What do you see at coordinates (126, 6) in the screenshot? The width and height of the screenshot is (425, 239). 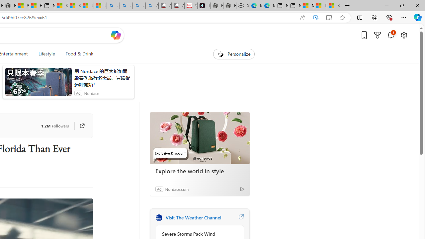 I see `'amazon - Search'` at bounding box center [126, 6].